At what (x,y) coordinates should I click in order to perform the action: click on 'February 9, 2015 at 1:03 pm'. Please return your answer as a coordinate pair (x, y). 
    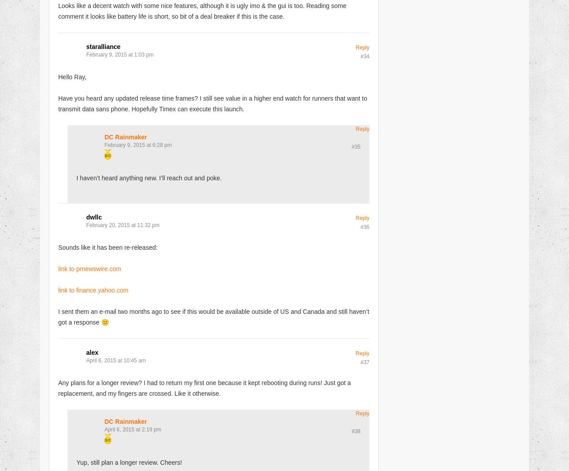
    Looking at the image, I should click on (119, 53).